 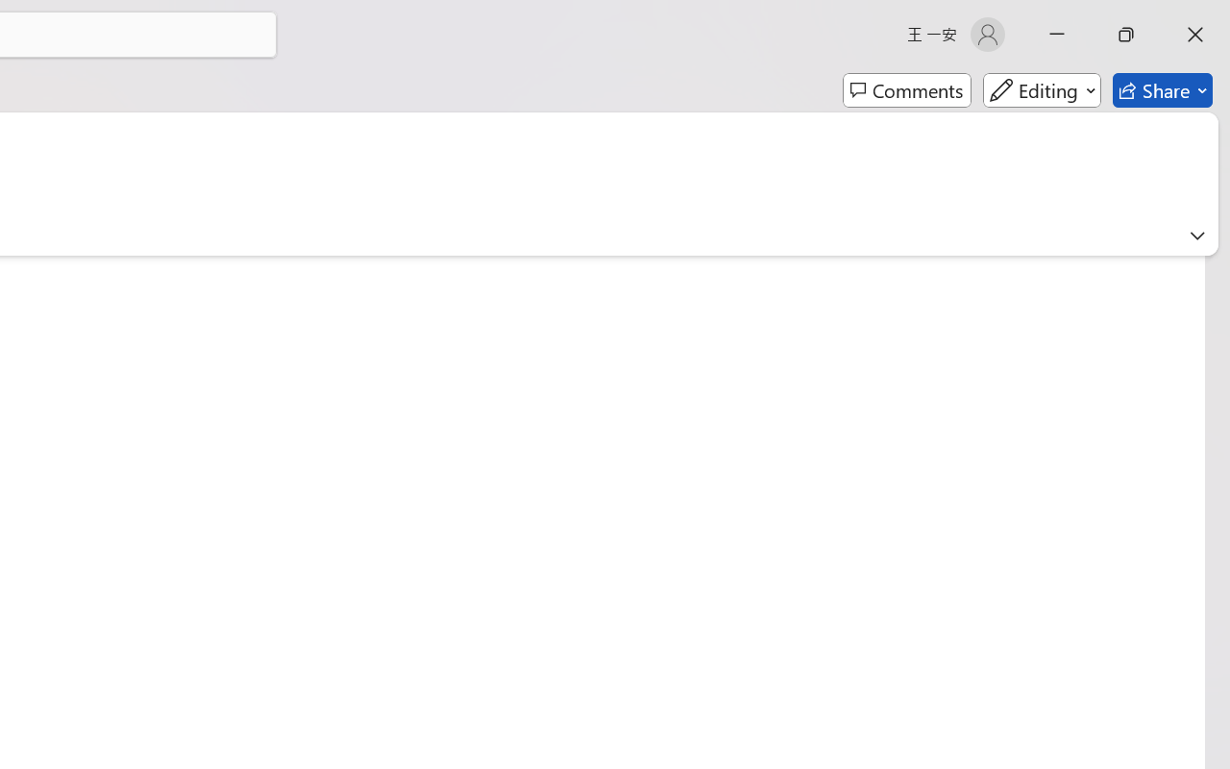 I want to click on 'Ribbon Display Options', so click(x=1196, y=235).